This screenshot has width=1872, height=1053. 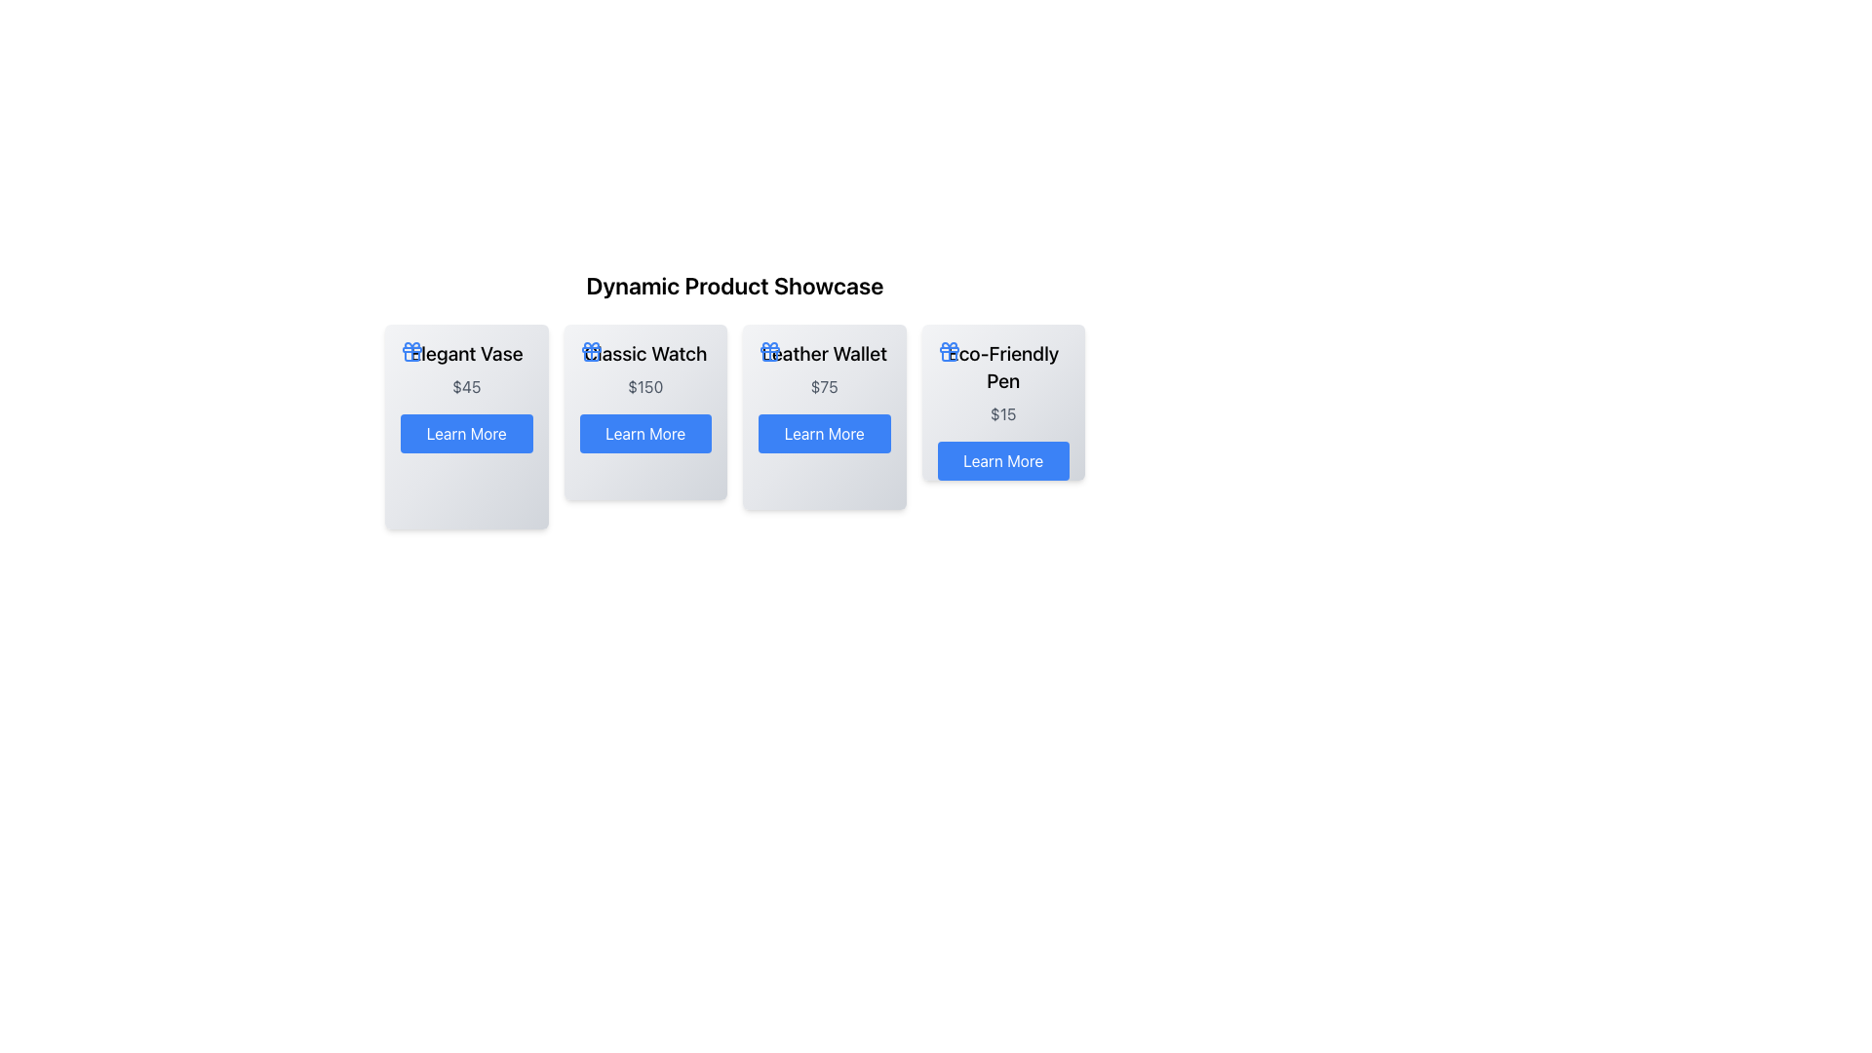 I want to click on text content of the large, bold-styled text label that reads 'Dynamic Product Showcase', positioned at the top of the section and centered horizontally, so click(x=733, y=286).